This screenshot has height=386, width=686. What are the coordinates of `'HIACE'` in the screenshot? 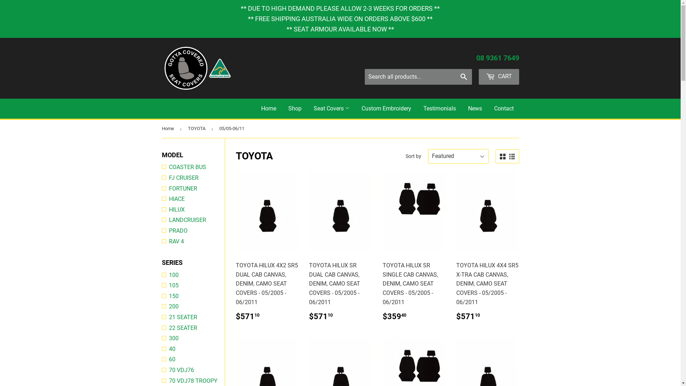 It's located at (161, 199).